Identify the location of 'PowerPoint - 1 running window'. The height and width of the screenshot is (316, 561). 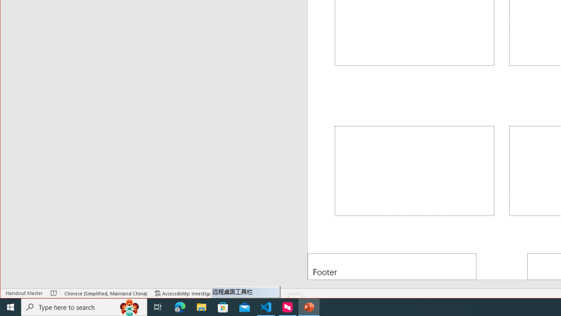
(309, 306).